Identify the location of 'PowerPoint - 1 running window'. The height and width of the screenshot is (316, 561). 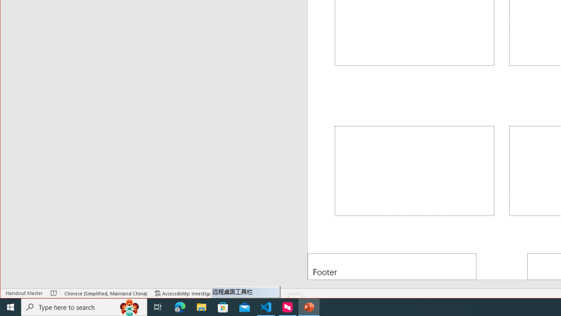
(309, 306).